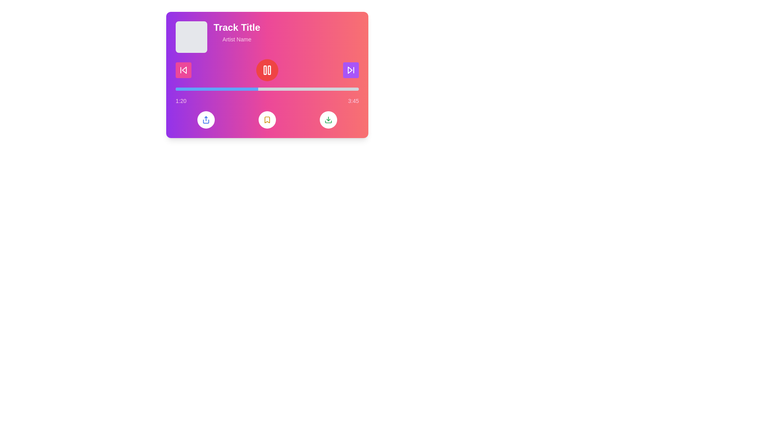 The width and height of the screenshot is (758, 426). What do you see at coordinates (180, 100) in the screenshot?
I see `the time indicator text label located near the bottom-left side of the interface` at bounding box center [180, 100].